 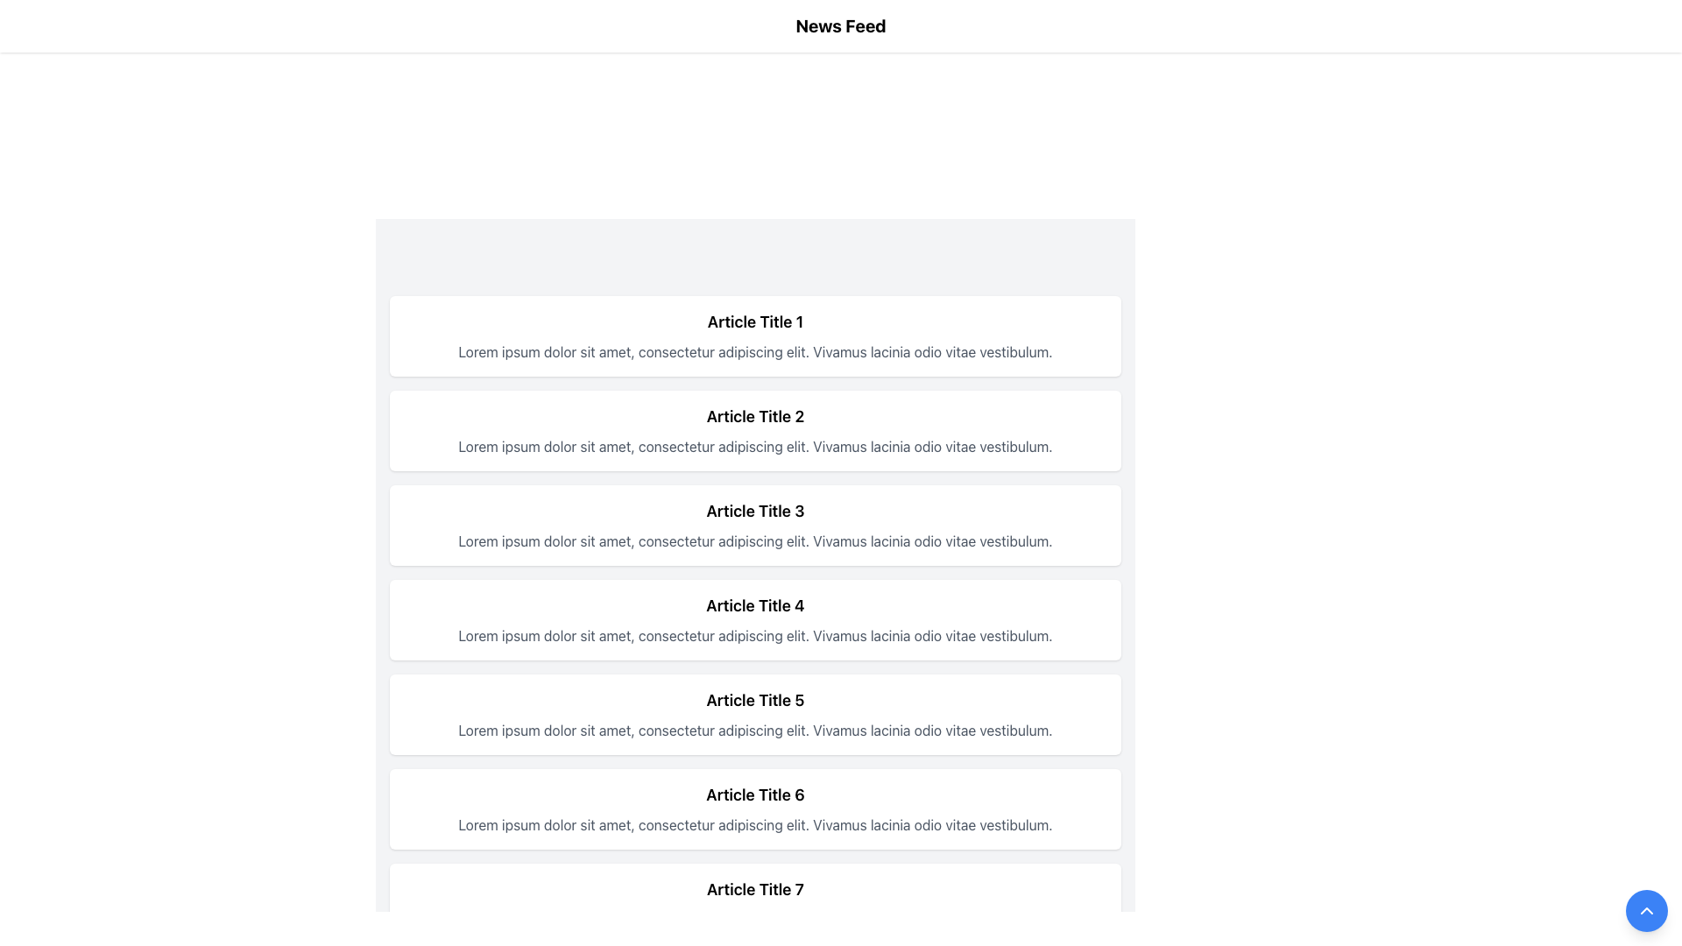 What do you see at coordinates (755, 540) in the screenshot?
I see `the static text displaying the content description of 'Article Title 3', located in the third card from the top, below the title` at bounding box center [755, 540].